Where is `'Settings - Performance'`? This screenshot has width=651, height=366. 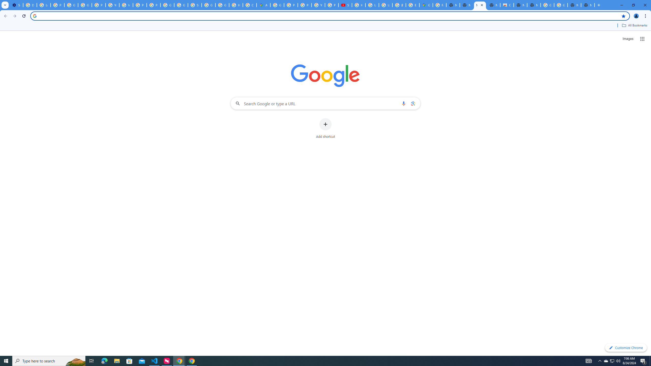
'Settings - Performance' is located at coordinates (16, 5).